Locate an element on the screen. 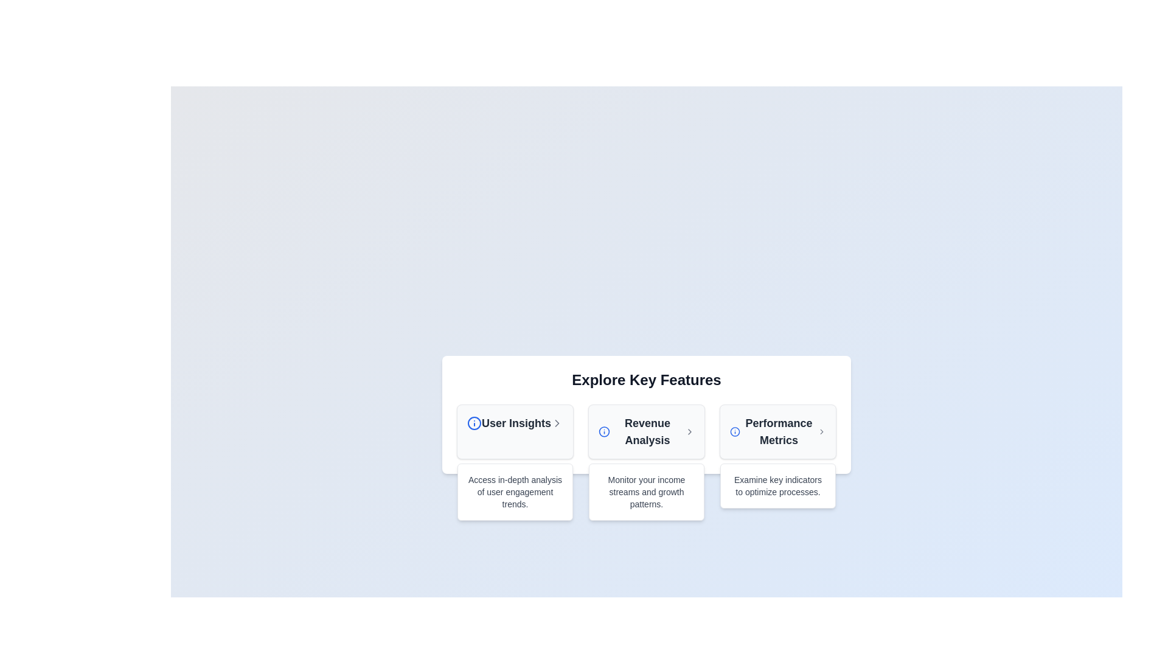  the SVG-based 'Info' icon located in the 'Performance Metrics' section, positioned at the top-right corner of the header area, to the left of the group title text 'Performance Metrics' is located at coordinates (734, 431).